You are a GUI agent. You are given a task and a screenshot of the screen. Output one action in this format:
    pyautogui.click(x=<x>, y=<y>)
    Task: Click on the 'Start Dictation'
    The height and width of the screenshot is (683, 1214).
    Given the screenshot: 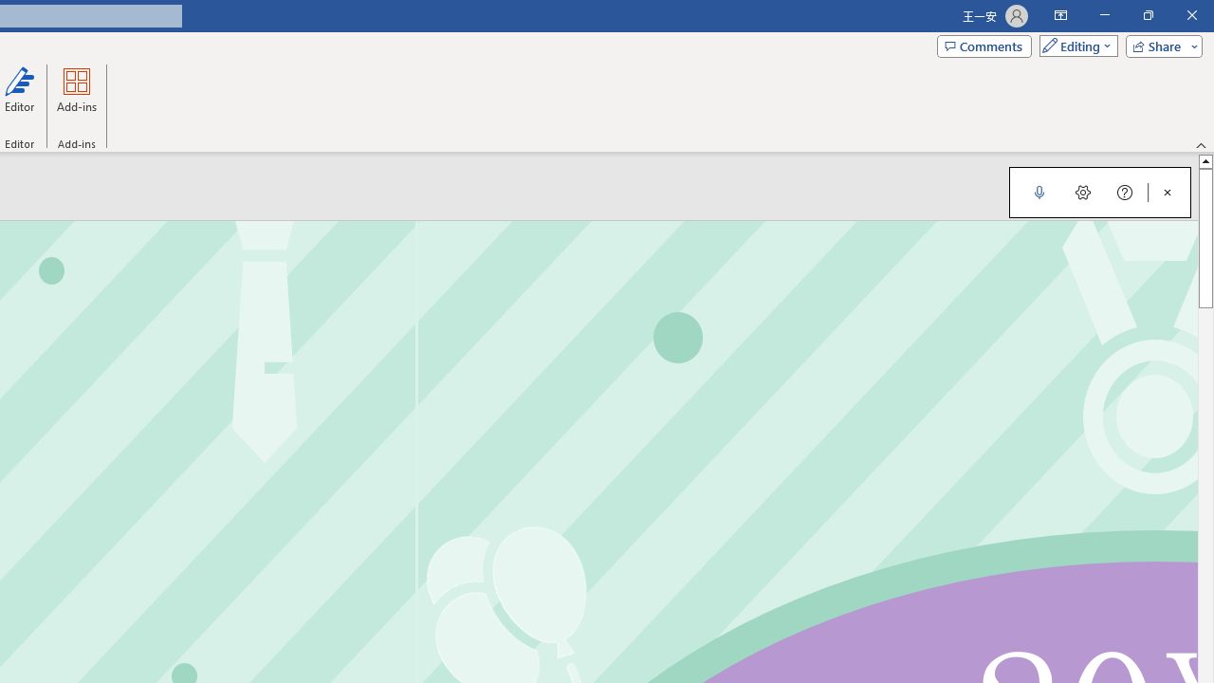 What is the action you would take?
    pyautogui.click(x=1039, y=193)
    